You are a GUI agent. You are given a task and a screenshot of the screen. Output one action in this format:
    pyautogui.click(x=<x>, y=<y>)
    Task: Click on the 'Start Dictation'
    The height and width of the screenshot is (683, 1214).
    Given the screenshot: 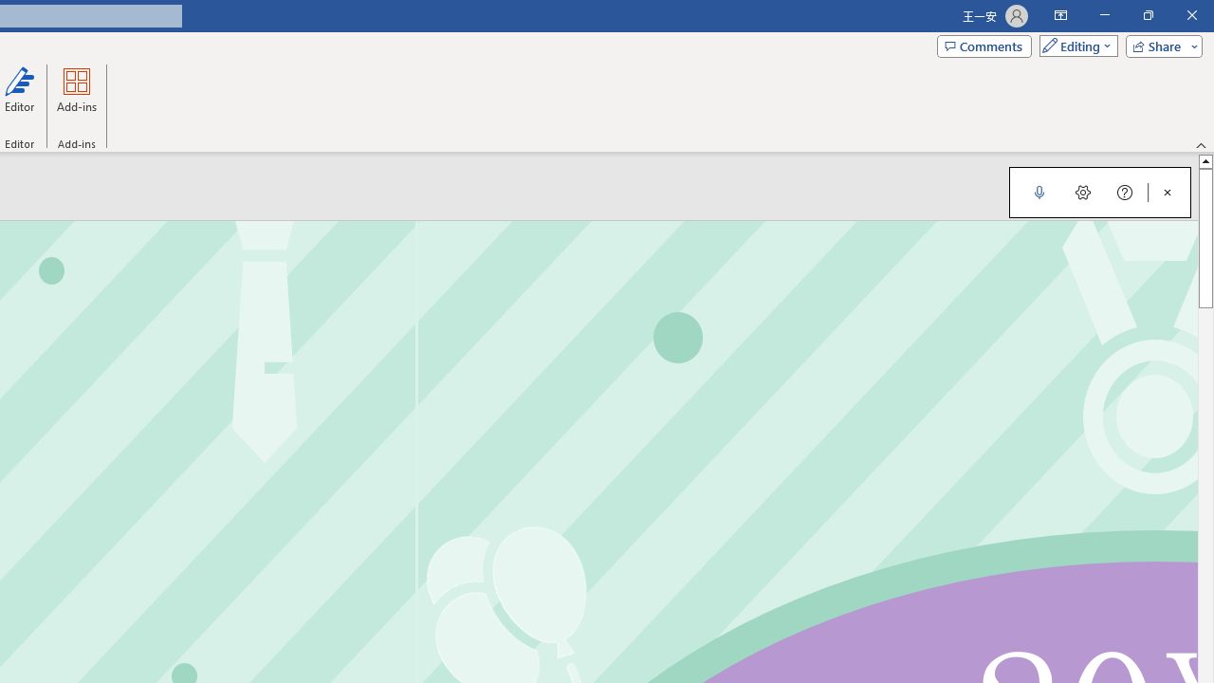 What is the action you would take?
    pyautogui.click(x=1039, y=193)
    